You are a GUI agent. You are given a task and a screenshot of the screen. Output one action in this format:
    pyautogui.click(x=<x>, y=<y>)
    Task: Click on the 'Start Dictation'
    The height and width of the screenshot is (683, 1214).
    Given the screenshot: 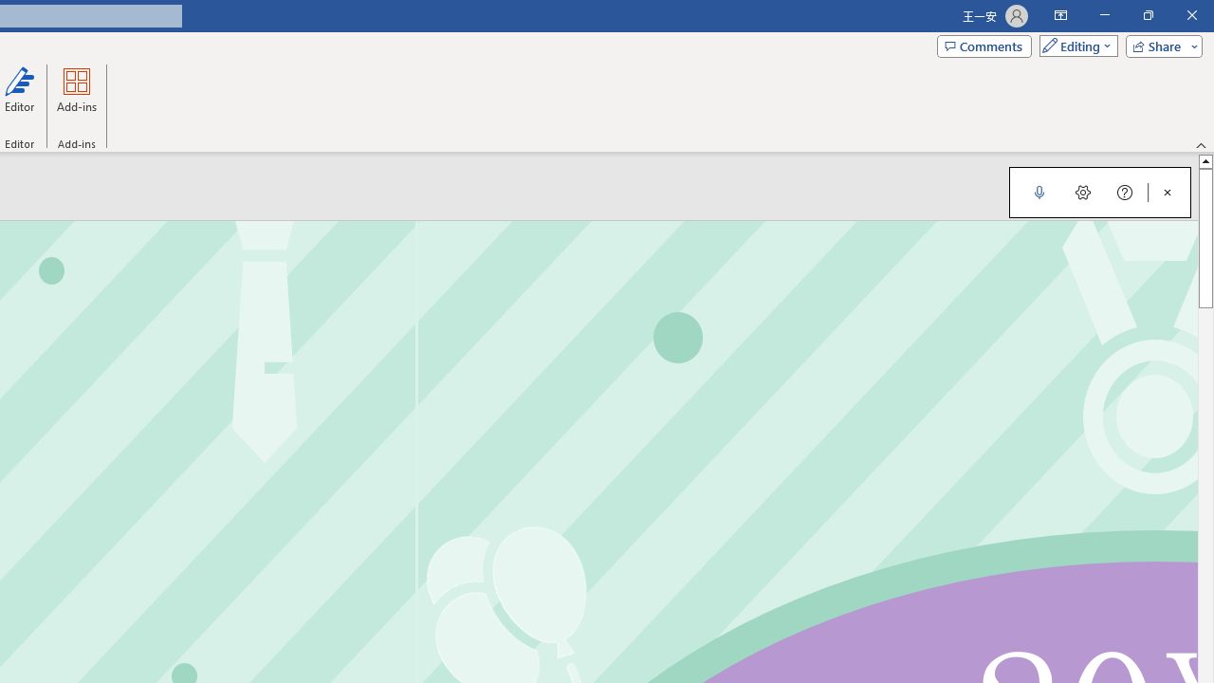 What is the action you would take?
    pyautogui.click(x=1039, y=193)
    